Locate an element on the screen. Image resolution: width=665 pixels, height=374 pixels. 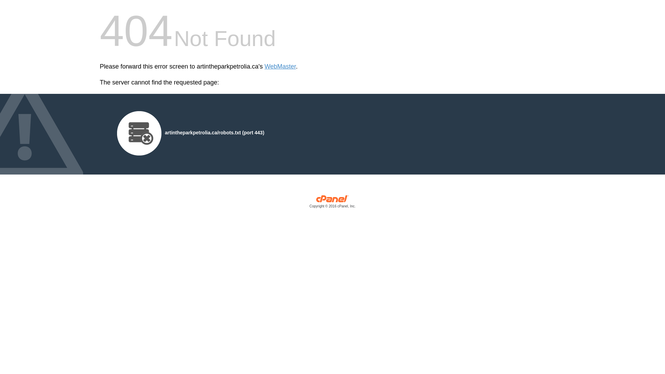
'WebMaster' is located at coordinates (280, 66).